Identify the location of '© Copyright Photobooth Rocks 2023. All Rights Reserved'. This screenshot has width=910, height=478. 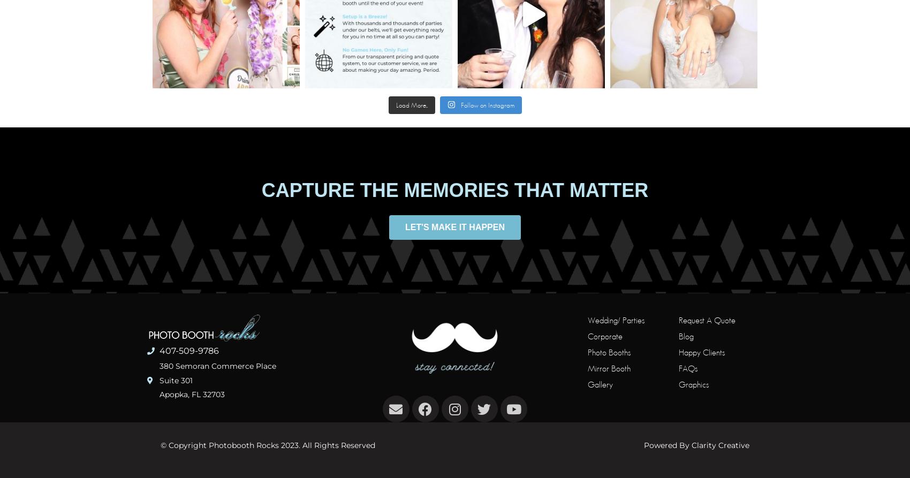
(161, 445).